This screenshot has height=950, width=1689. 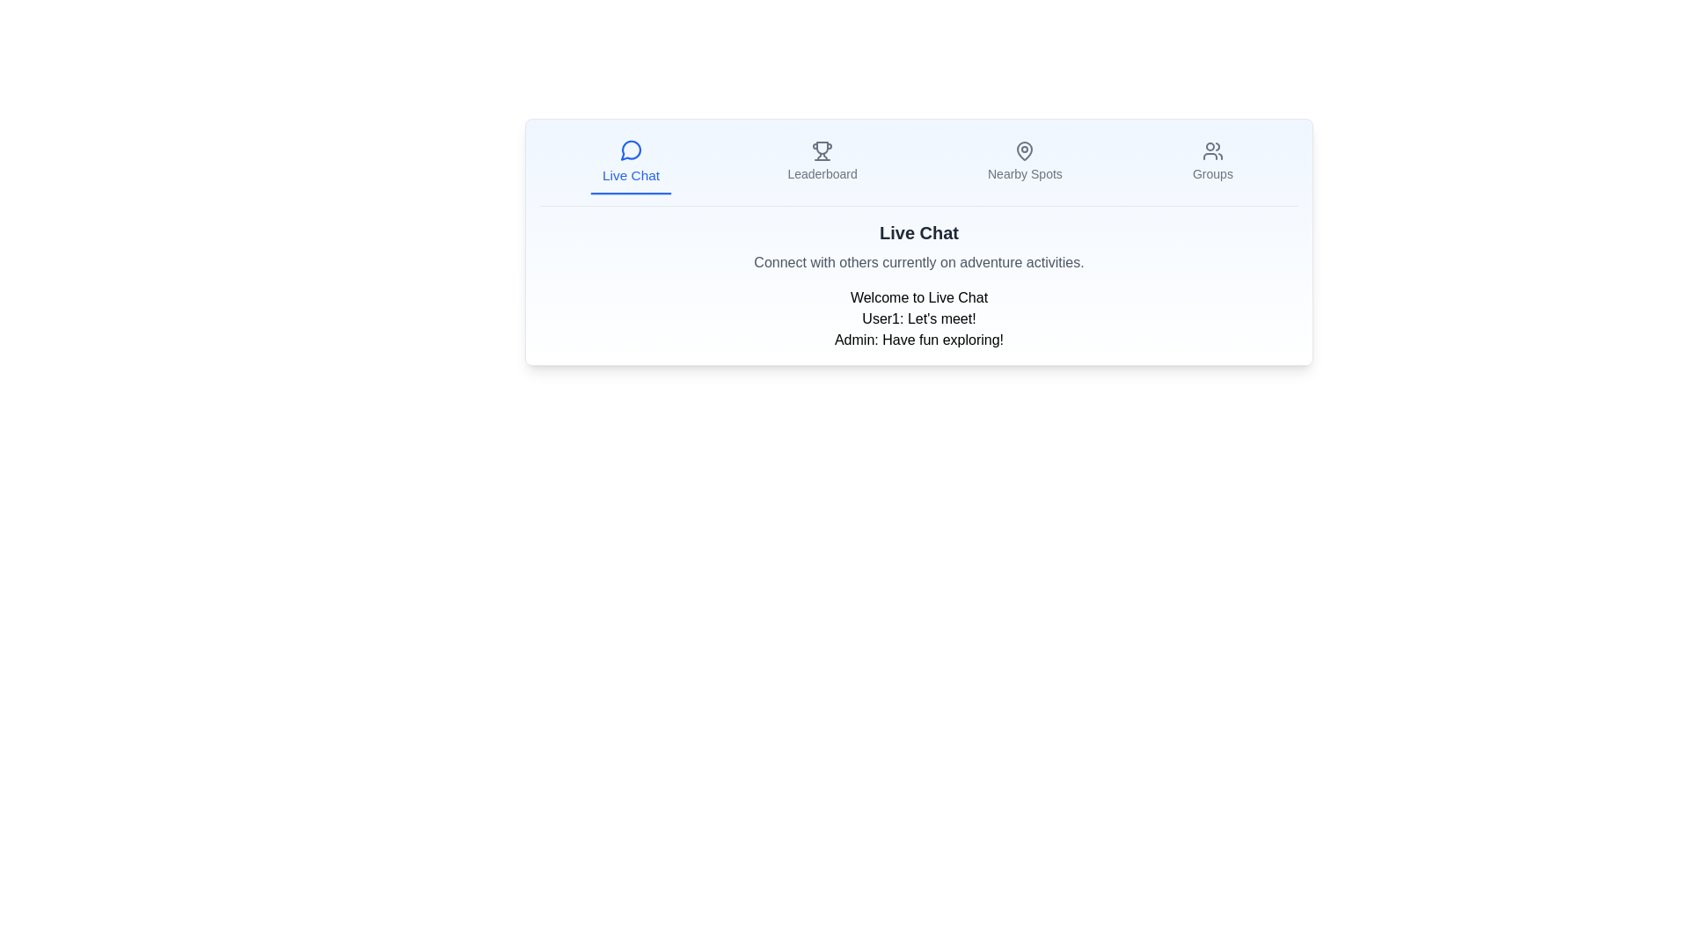 What do you see at coordinates (918, 263) in the screenshot?
I see `the text label that reads 'Connect with others currently on adventure activities.', which is styled in subtle gray and positioned below the 'Live Chat' heading` at bounding box center [918, 263].